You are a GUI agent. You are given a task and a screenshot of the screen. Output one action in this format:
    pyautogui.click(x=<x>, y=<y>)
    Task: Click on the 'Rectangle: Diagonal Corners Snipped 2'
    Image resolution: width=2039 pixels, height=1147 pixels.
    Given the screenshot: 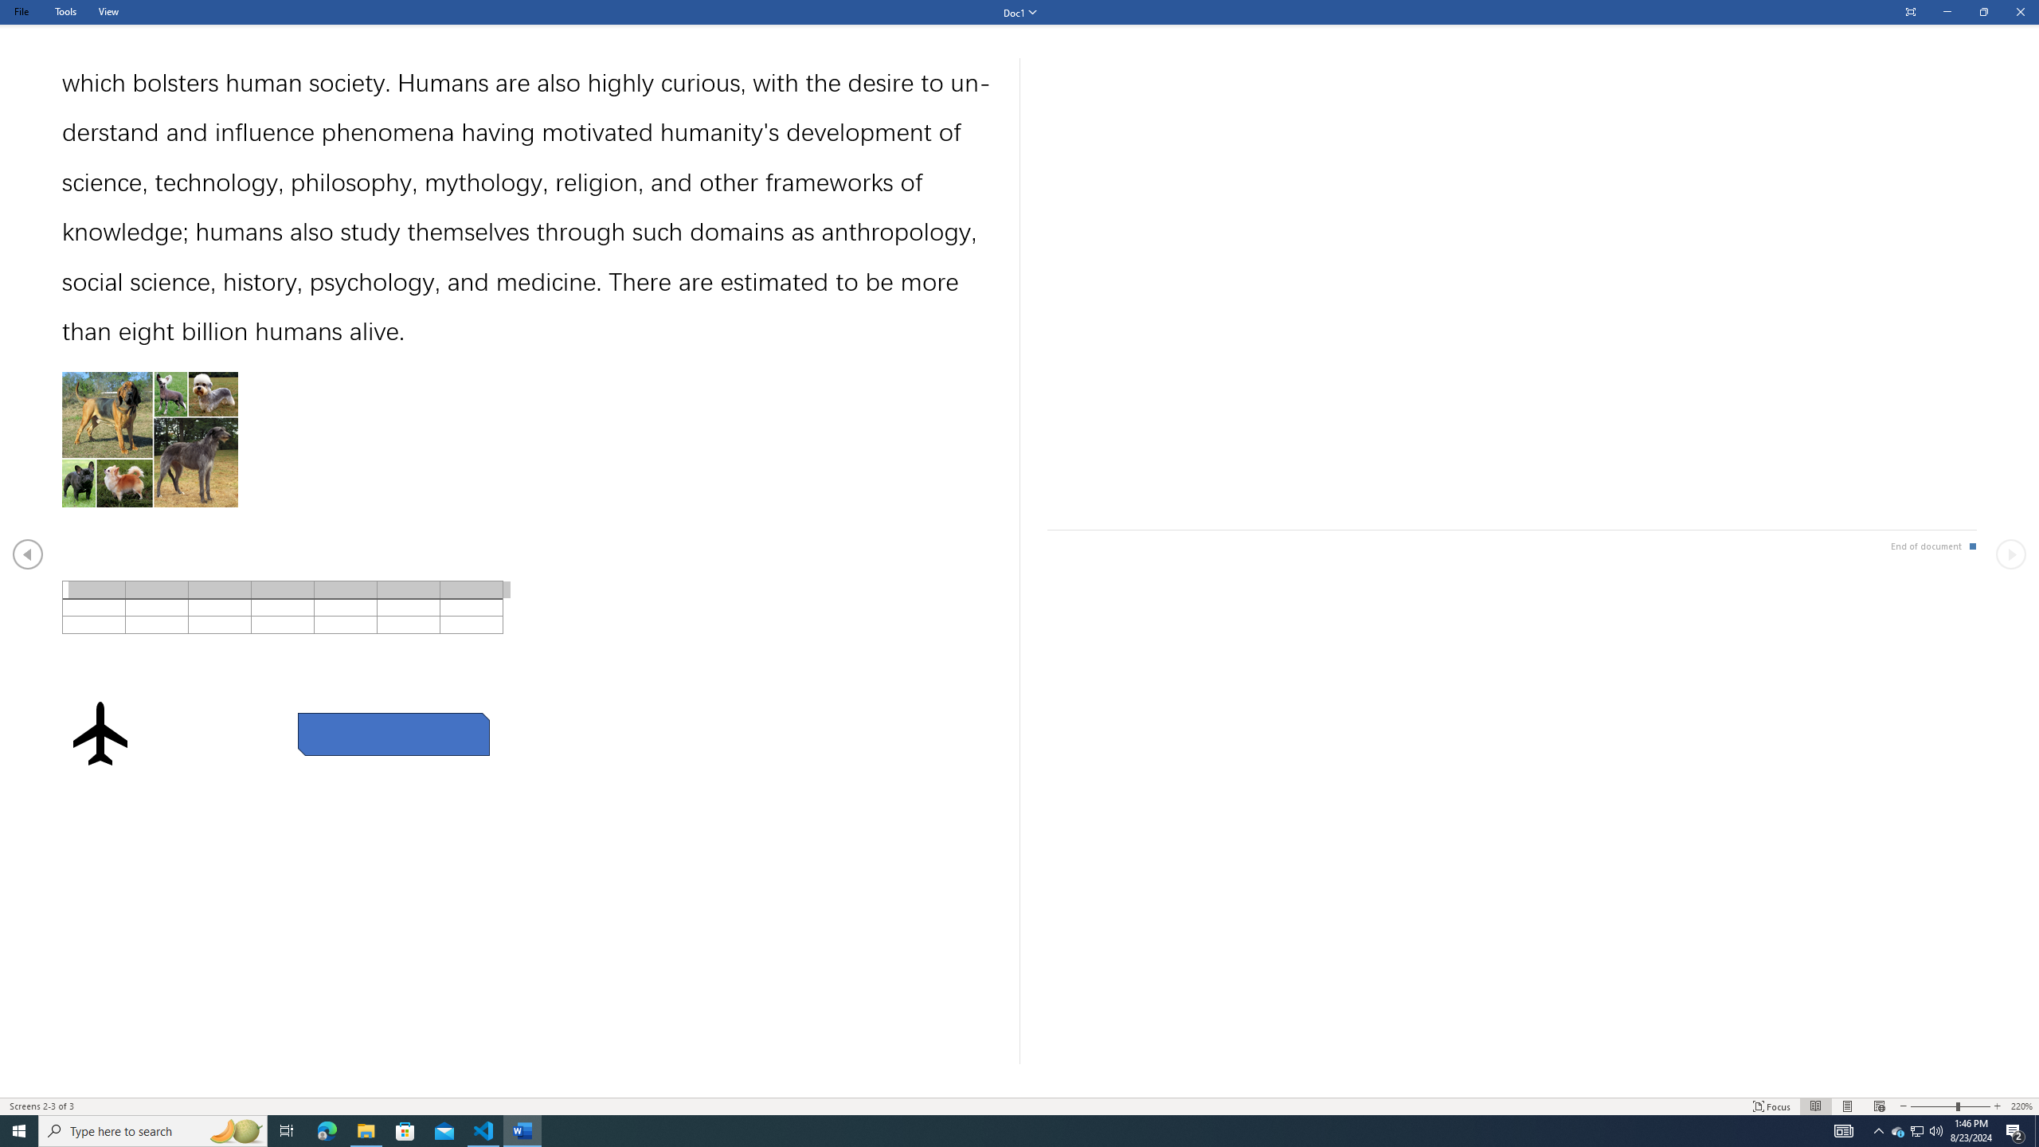 What is the action you would take?
    pyautogui.click(x=393, y=734)
    